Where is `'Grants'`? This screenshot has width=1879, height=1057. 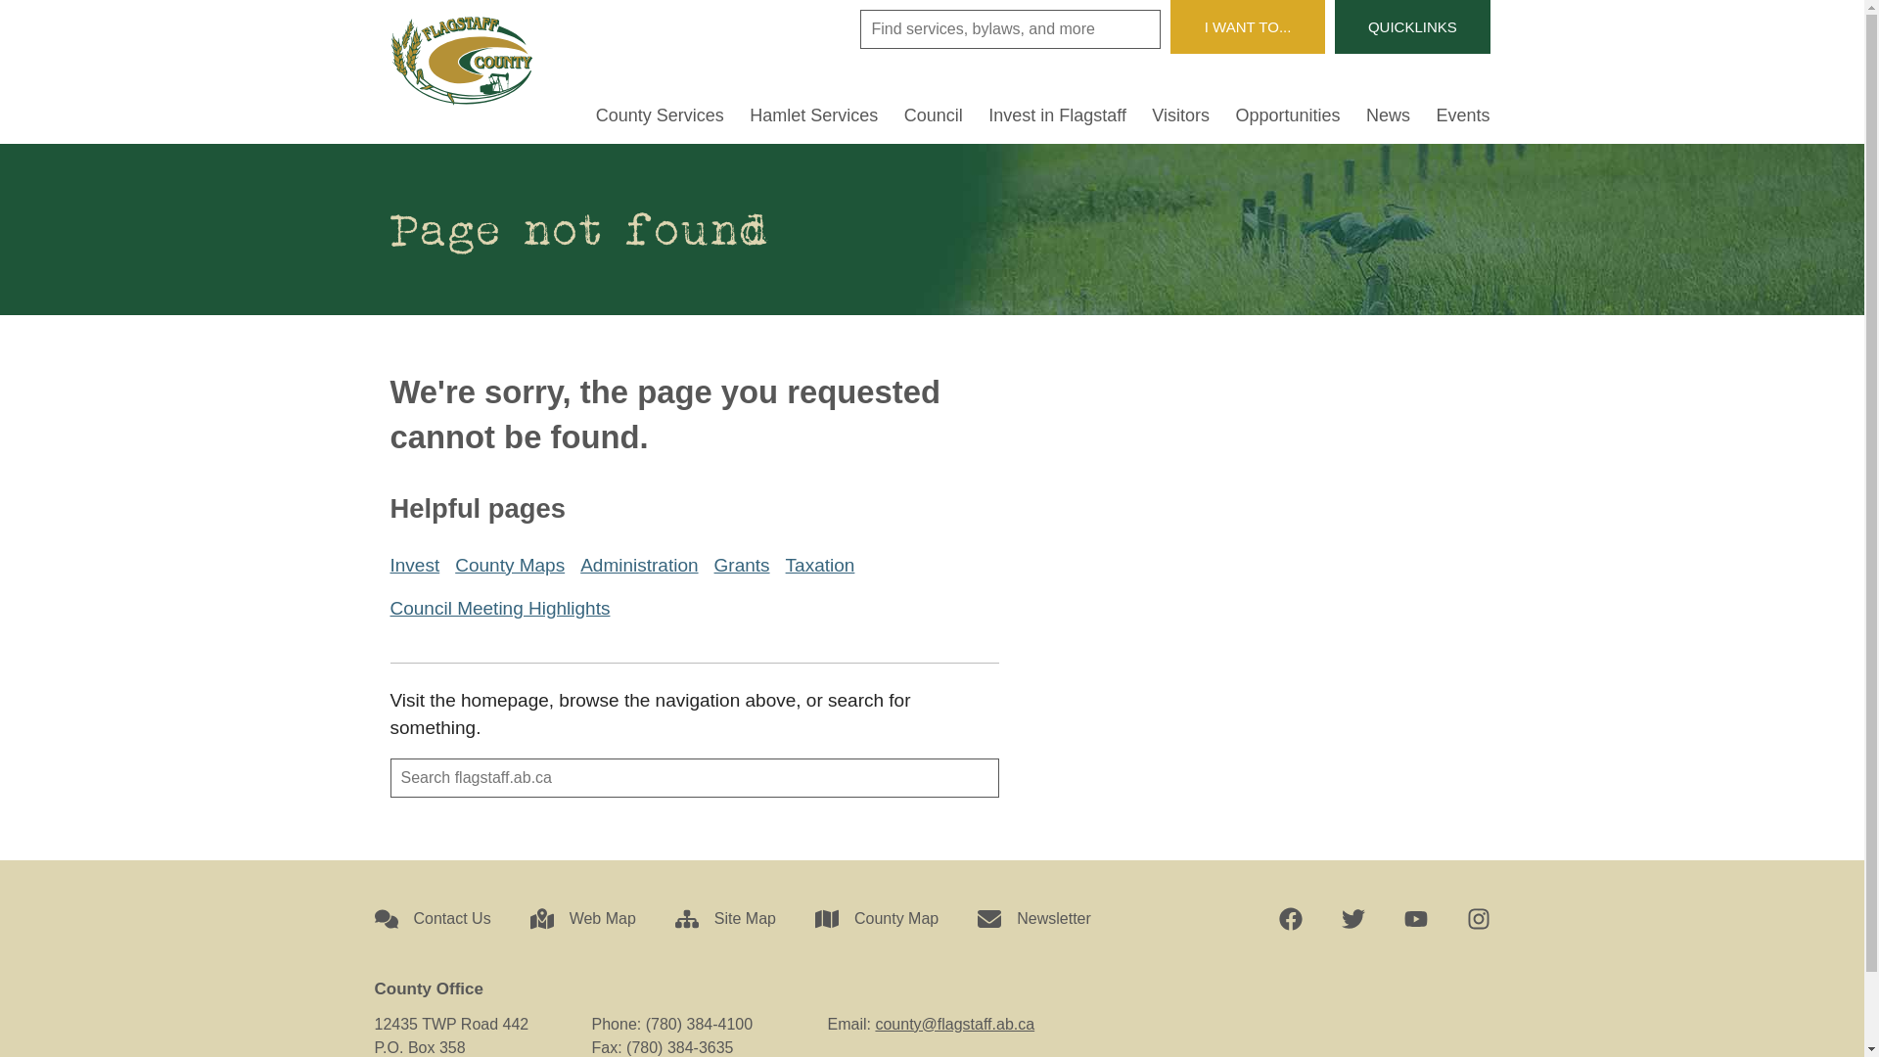
'Grants' is located at coordinates (712, 565).